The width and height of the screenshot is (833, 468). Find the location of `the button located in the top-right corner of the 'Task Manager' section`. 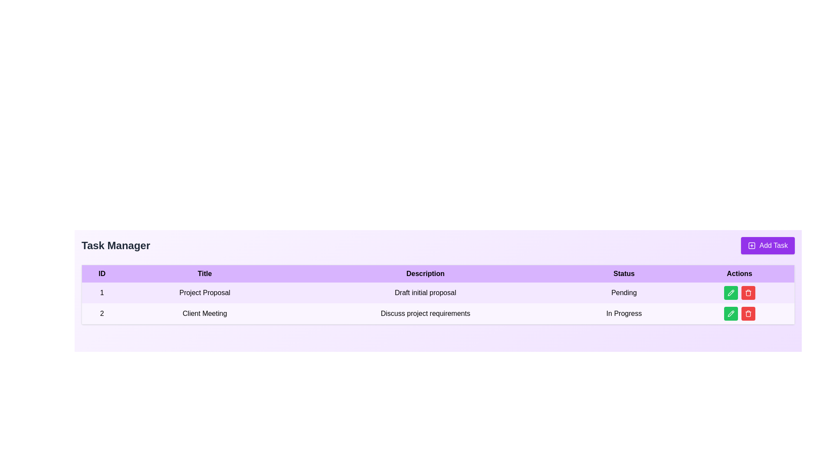

the button located in the top-right corner of the 'Task Manager' section is located at coordinates (768, 246).